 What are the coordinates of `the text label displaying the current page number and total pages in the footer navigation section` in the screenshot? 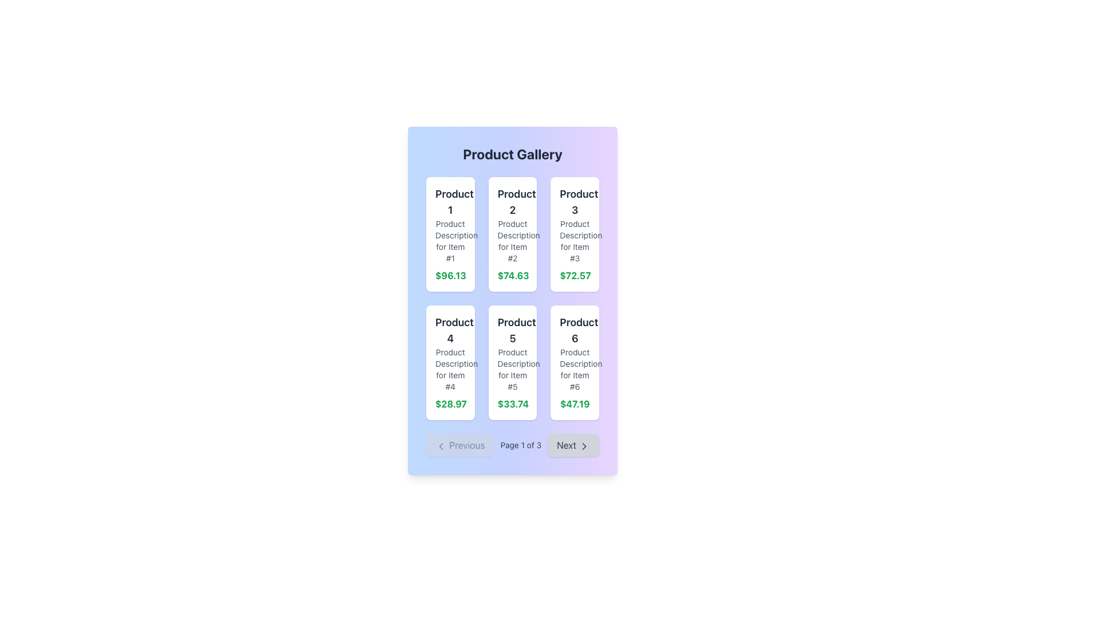 It's located at (520, 444).